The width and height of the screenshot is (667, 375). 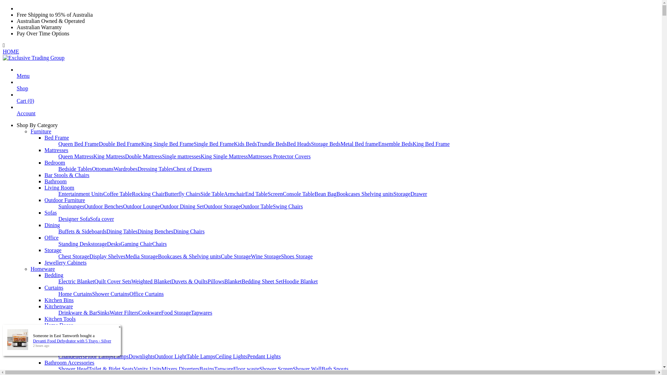 I want to click on 'Dining Benches', so click(x=155, y=231).